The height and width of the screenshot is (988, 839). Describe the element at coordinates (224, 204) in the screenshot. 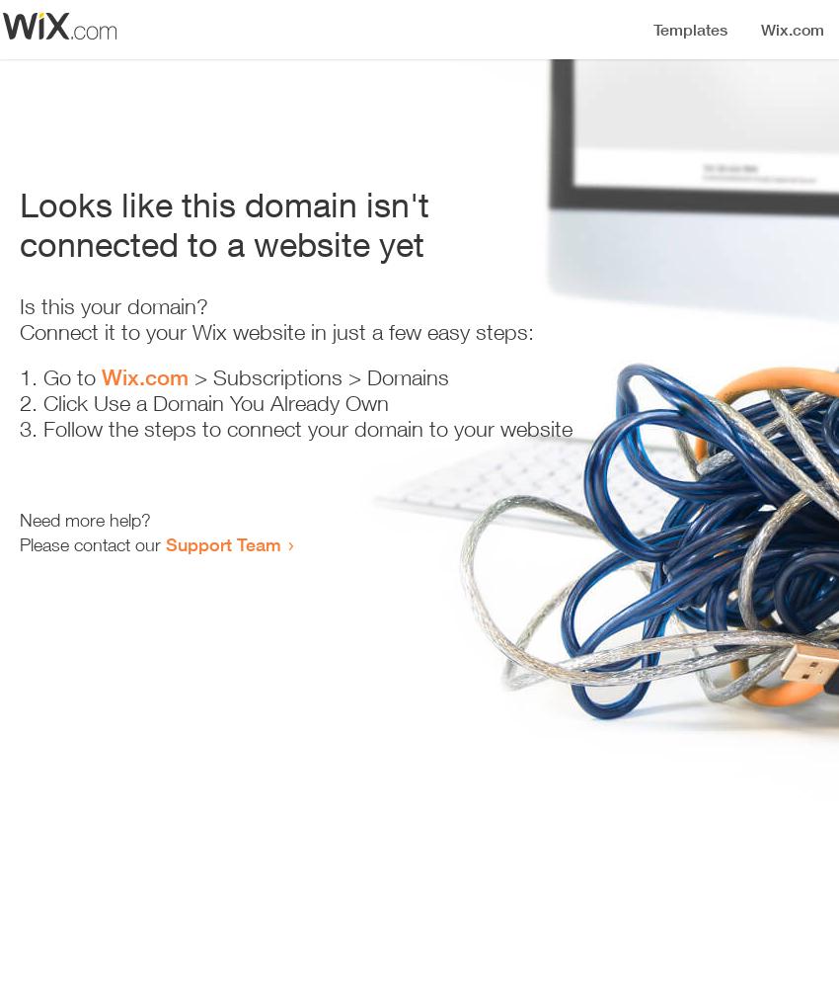

I see `'Looks like this domain isn't'` at that location.